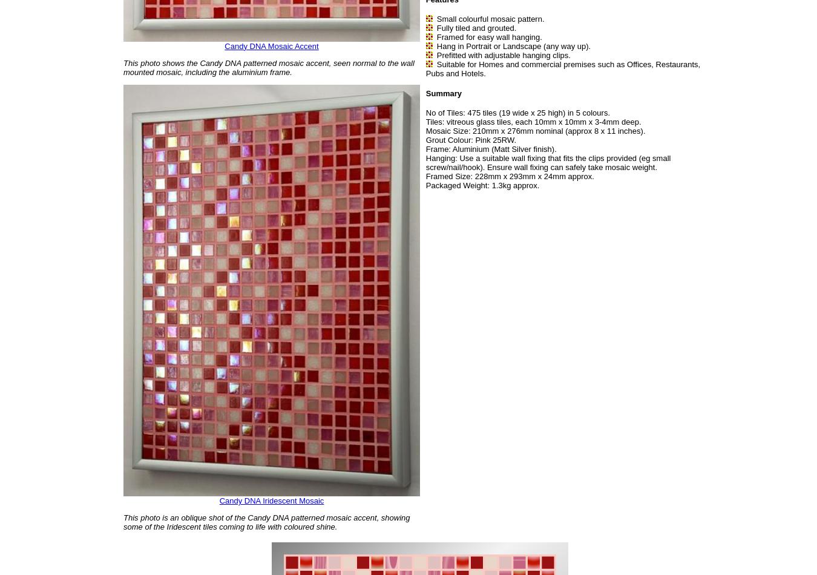 This screenshot has height=575, width=817. Describe the element at coordinates (562, 69) in the screenshot. I see `'Suitable for Homes and commercial premises such as Offices, Restaurants, Pubs and Hotels.'` at that location.